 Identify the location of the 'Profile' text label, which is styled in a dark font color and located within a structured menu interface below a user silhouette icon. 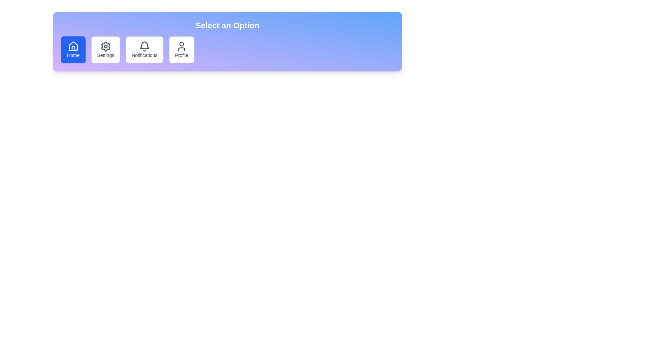
(182, 55).